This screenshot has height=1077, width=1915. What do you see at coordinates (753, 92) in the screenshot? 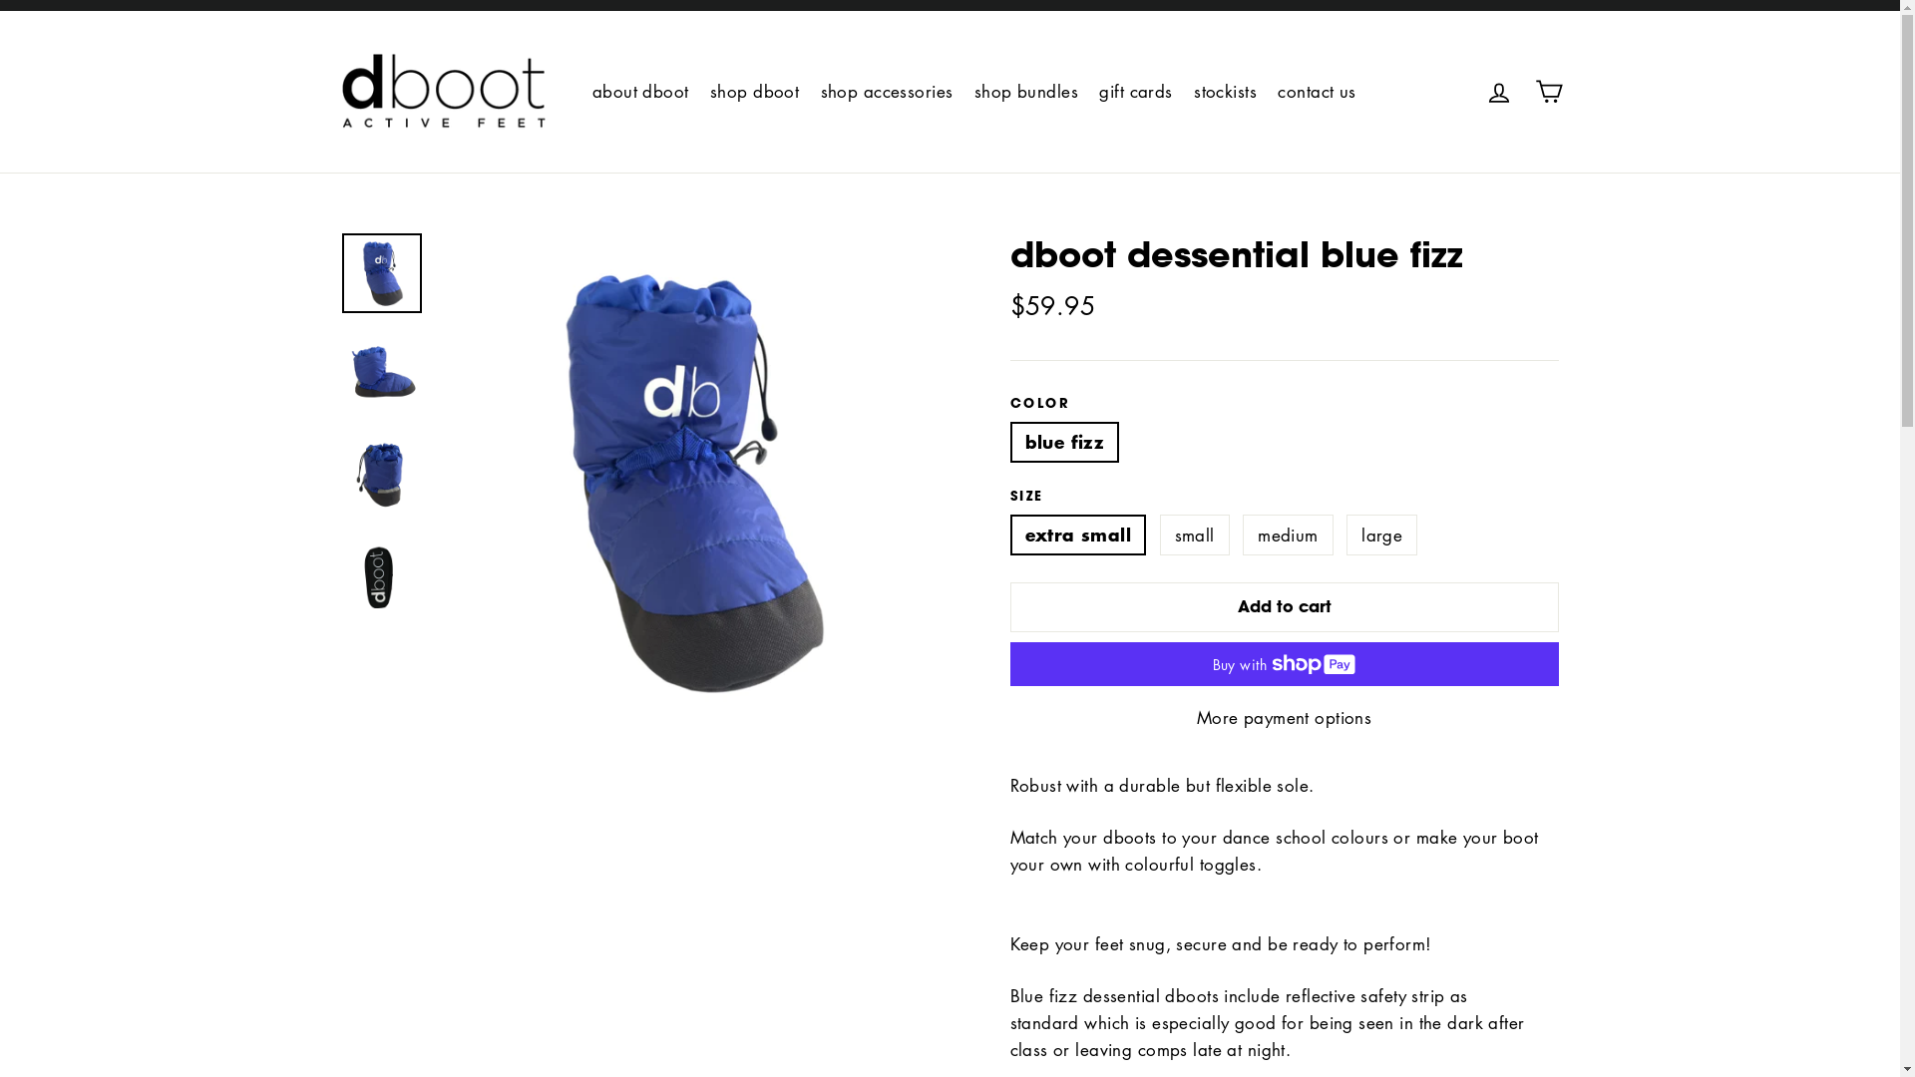
I see `'shop dboot'` at bounding box center [753, 92].